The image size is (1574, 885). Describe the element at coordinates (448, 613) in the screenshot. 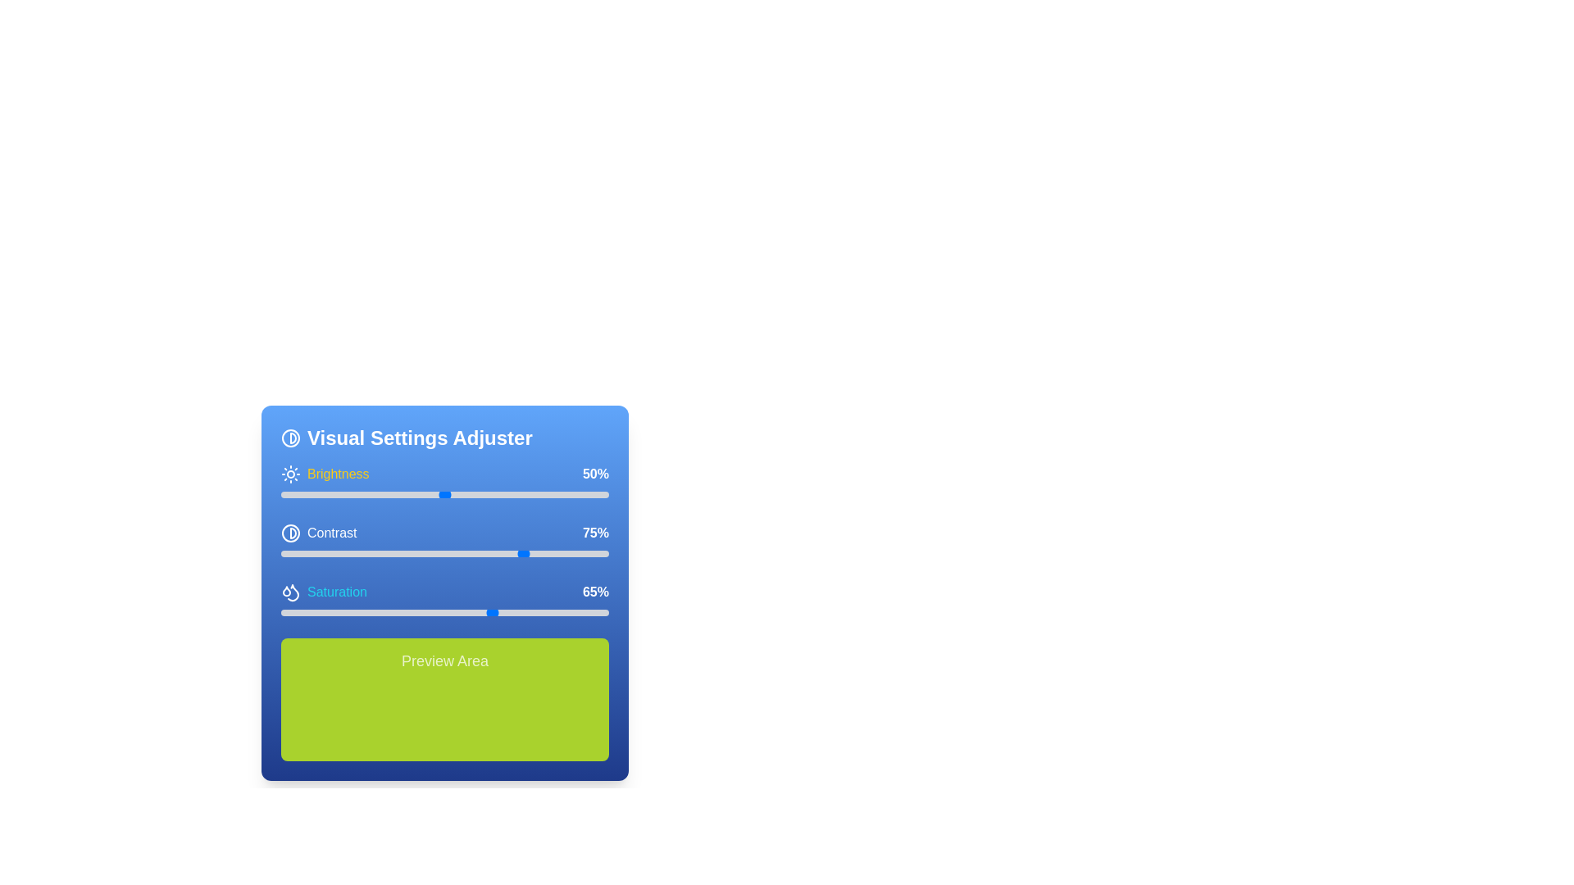

I see `saturation` at that location.